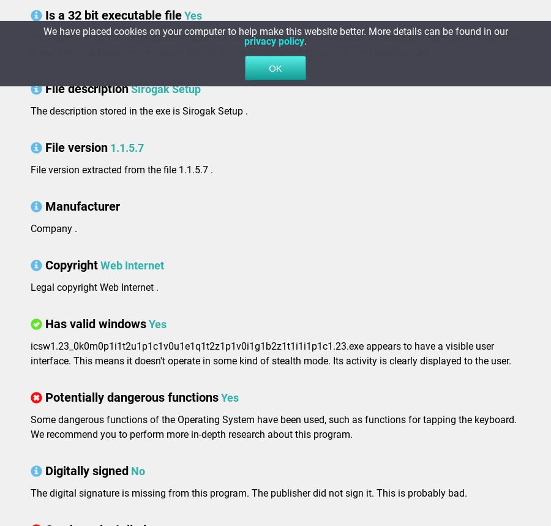  I want to click on 'Some dangerous functions of the Operating System have been used, such as functions for tapping the keyboard. We recommend you to perform more in-depth research about this program.', so click(274, 427).